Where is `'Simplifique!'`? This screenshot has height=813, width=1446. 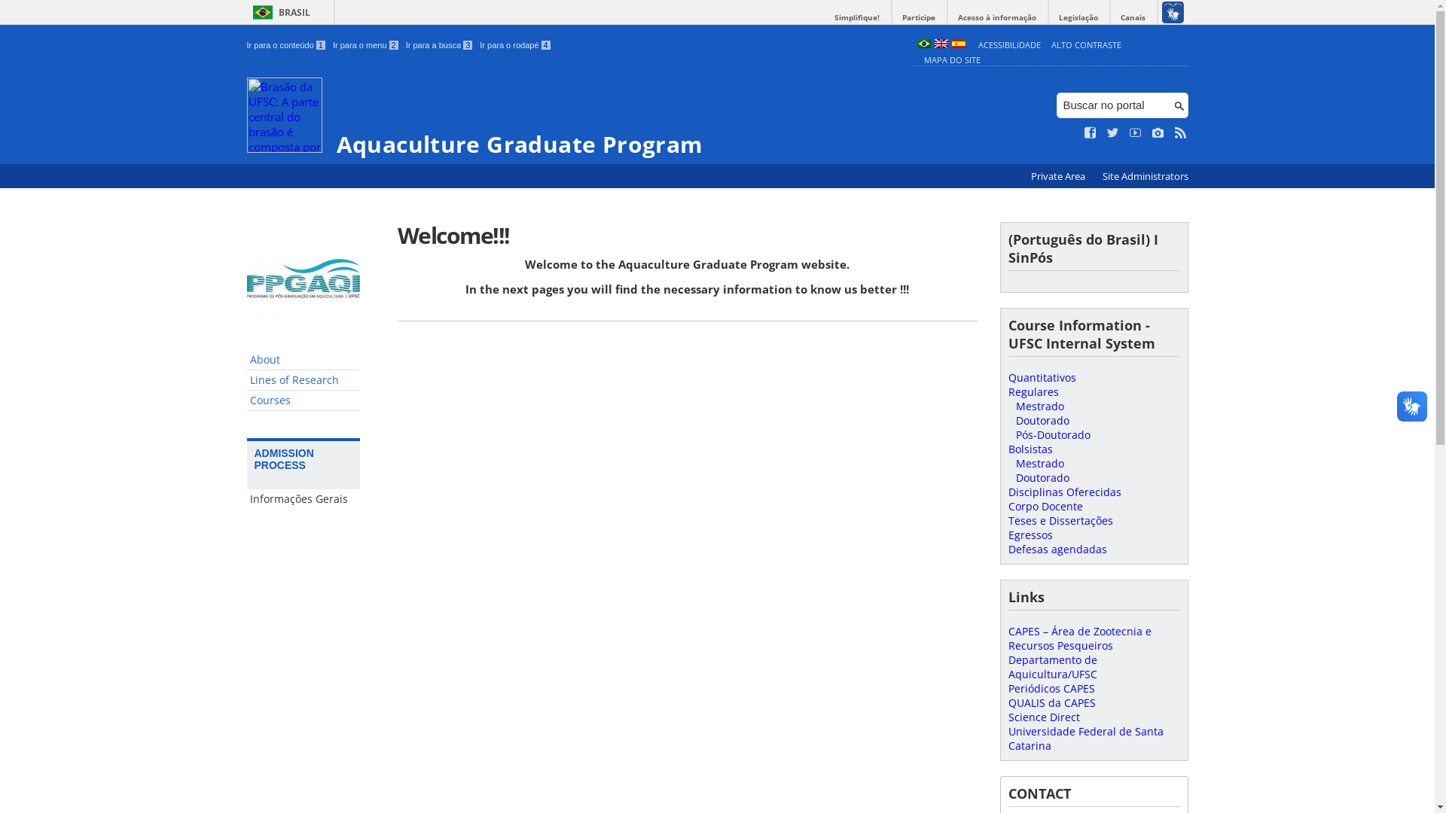 'Simplifique!' is located at coordinates (856, 17).